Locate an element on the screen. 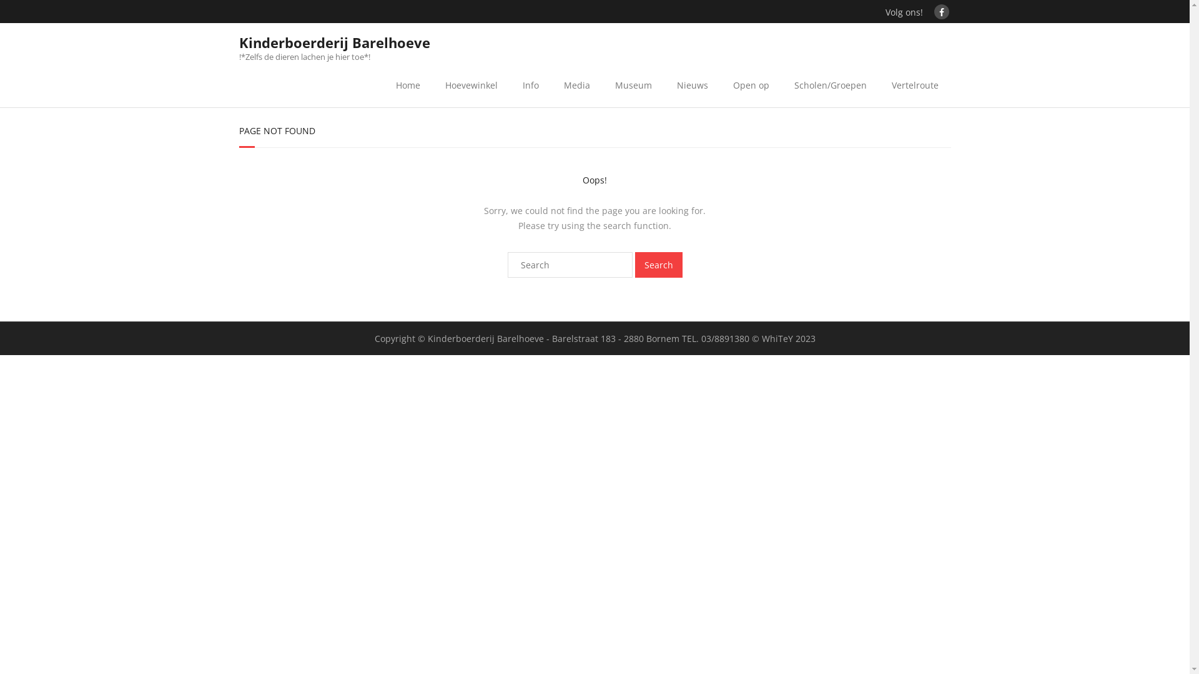 Image resolution: width=1199 pixels, height=674 pixels. 'Info' is located at coordinates (530, 84).